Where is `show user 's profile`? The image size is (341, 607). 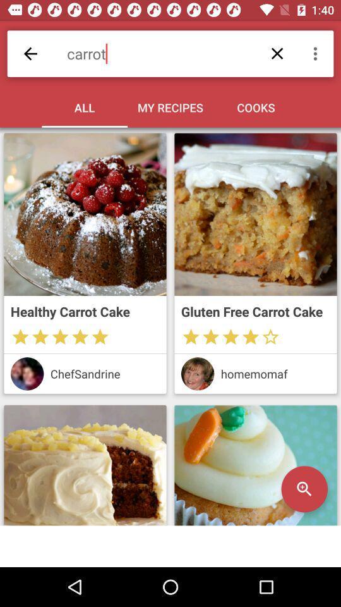 show user 's profile is located at coordinates (198, 374).